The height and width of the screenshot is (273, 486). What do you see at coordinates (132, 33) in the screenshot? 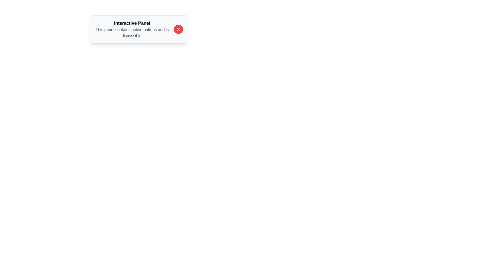
I see `the text component displaying the content 'This panel contains action buttons and is dismissible.', which is styled in gray and positioned below the heading 'Interactive Panel'` at bounding box center [132, 33].